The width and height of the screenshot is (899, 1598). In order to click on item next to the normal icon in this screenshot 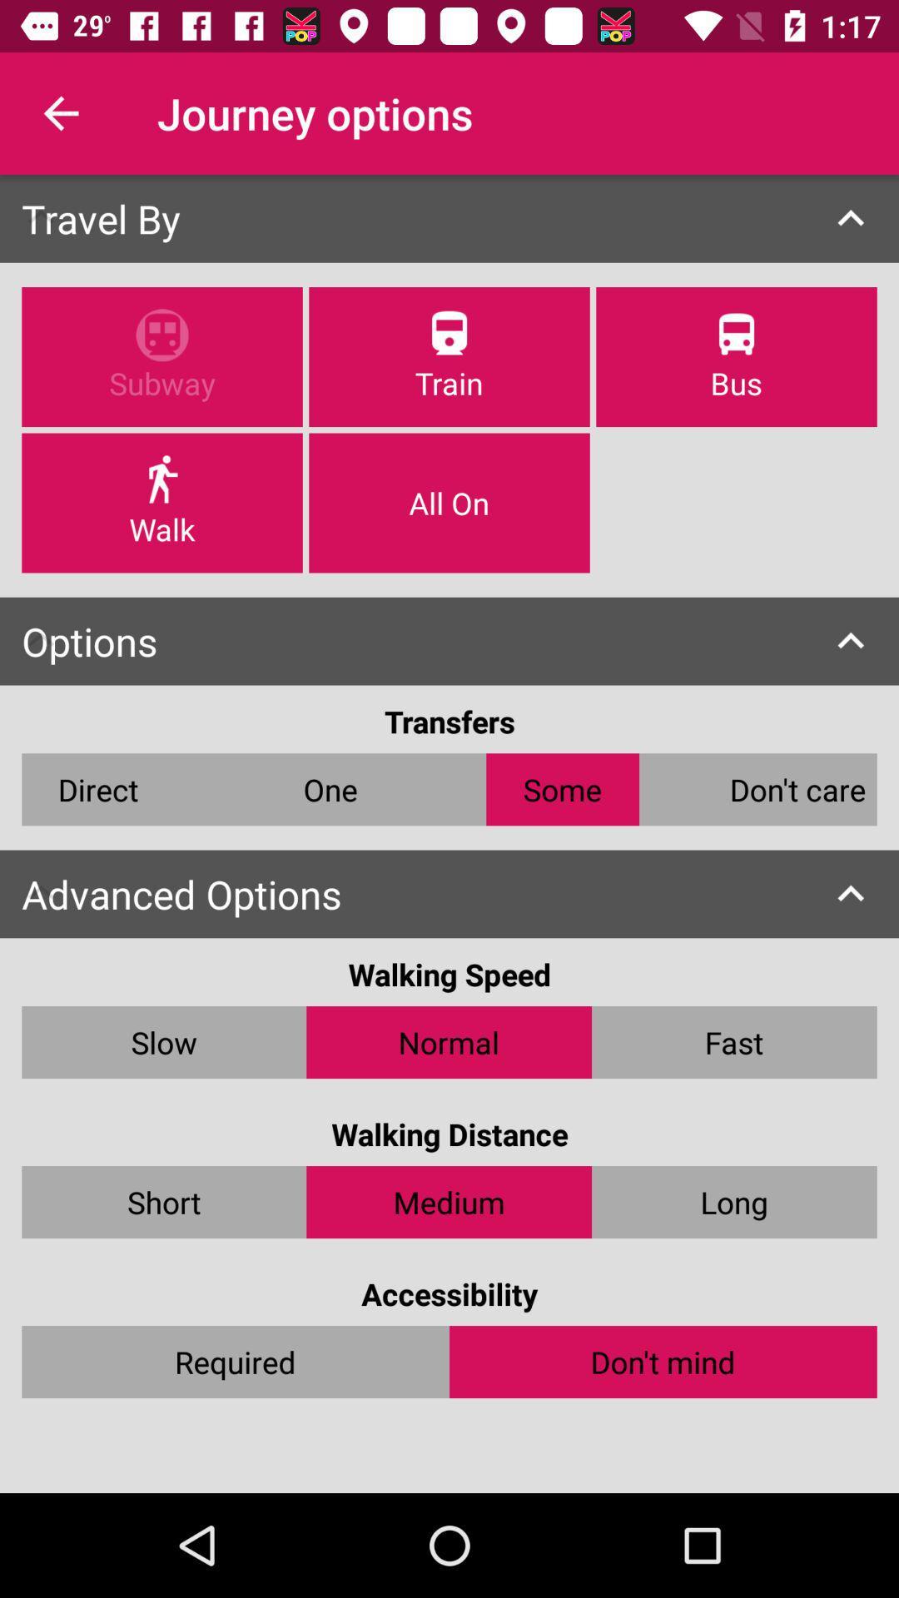, I will do `click(733, 1041)`.